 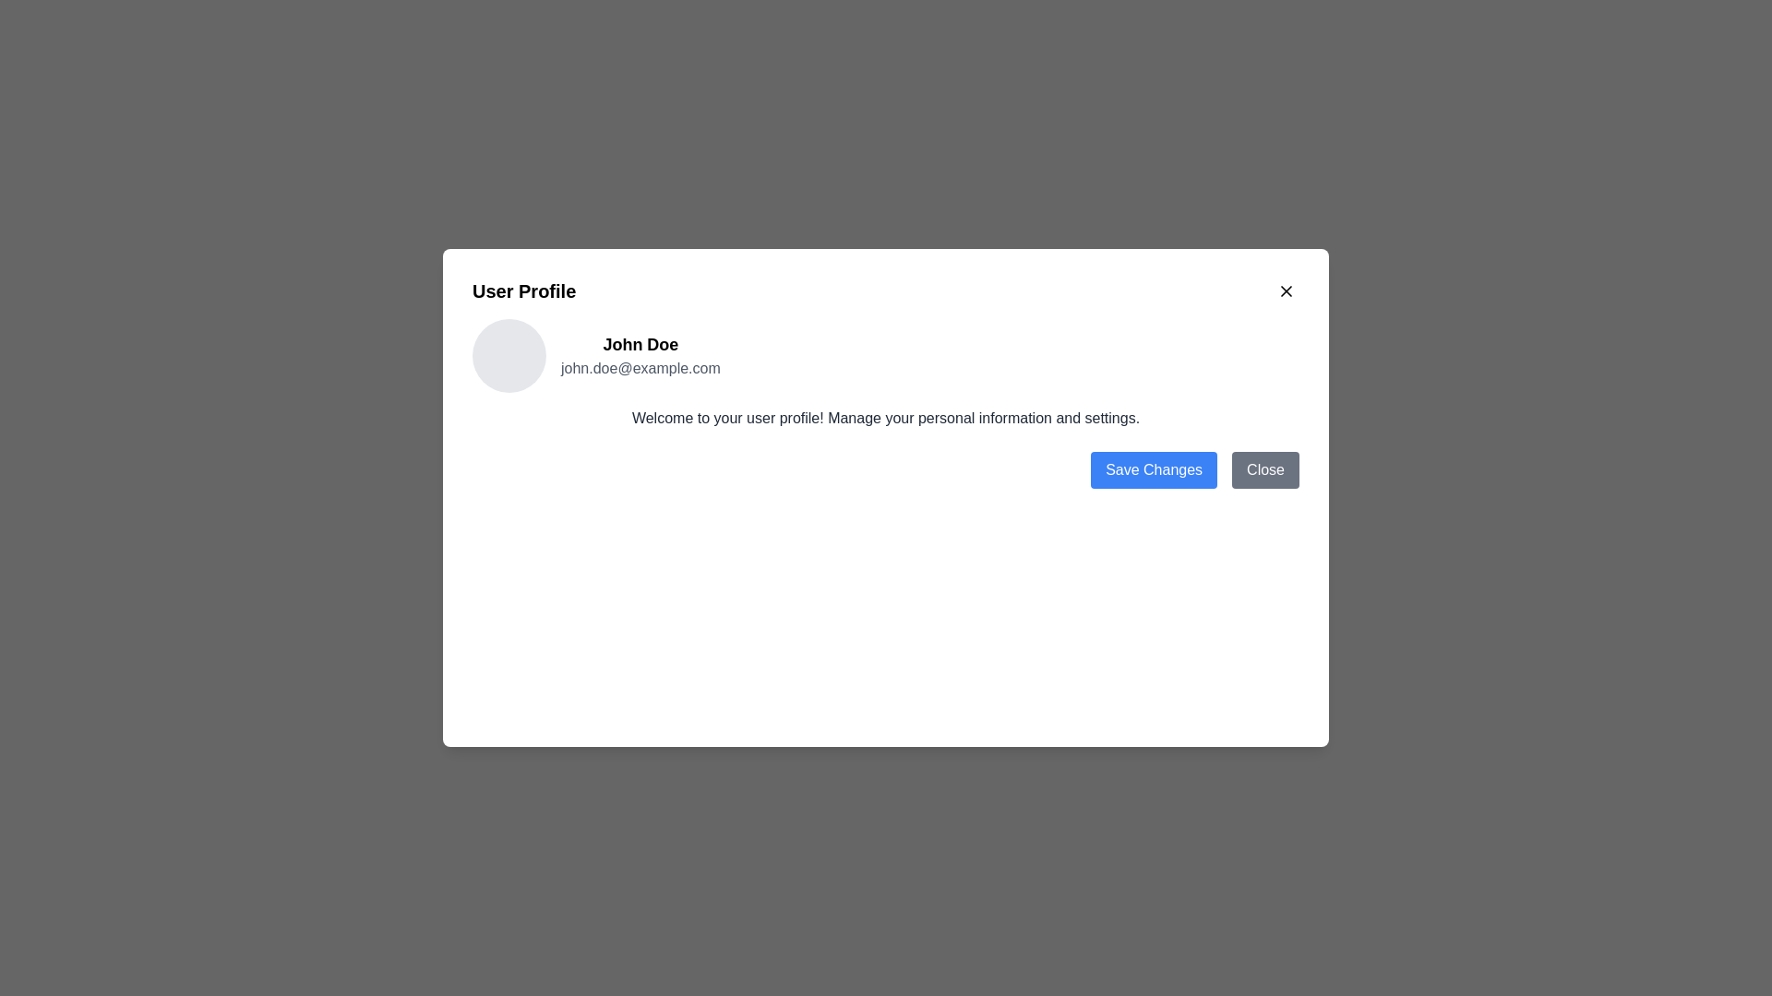 I want to click on the button located in the bottom-right section of the modal dialog, which dismisses the modal without saving changes, so click(x=1264, y=468).